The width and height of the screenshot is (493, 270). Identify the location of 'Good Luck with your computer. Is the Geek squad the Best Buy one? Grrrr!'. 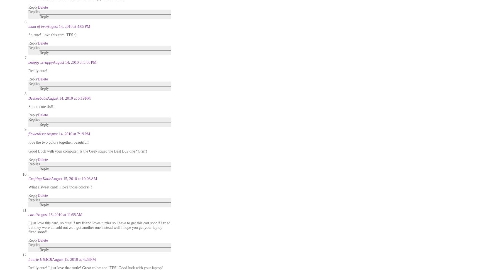
(87, 151).